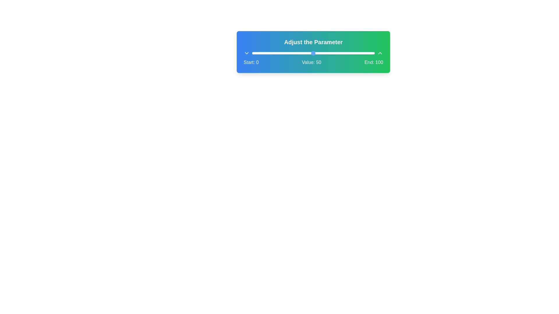 The image size is (559, 314). Describe the element at coordinates (337, 53) in the screenshot. I see `the parameter` at that location.